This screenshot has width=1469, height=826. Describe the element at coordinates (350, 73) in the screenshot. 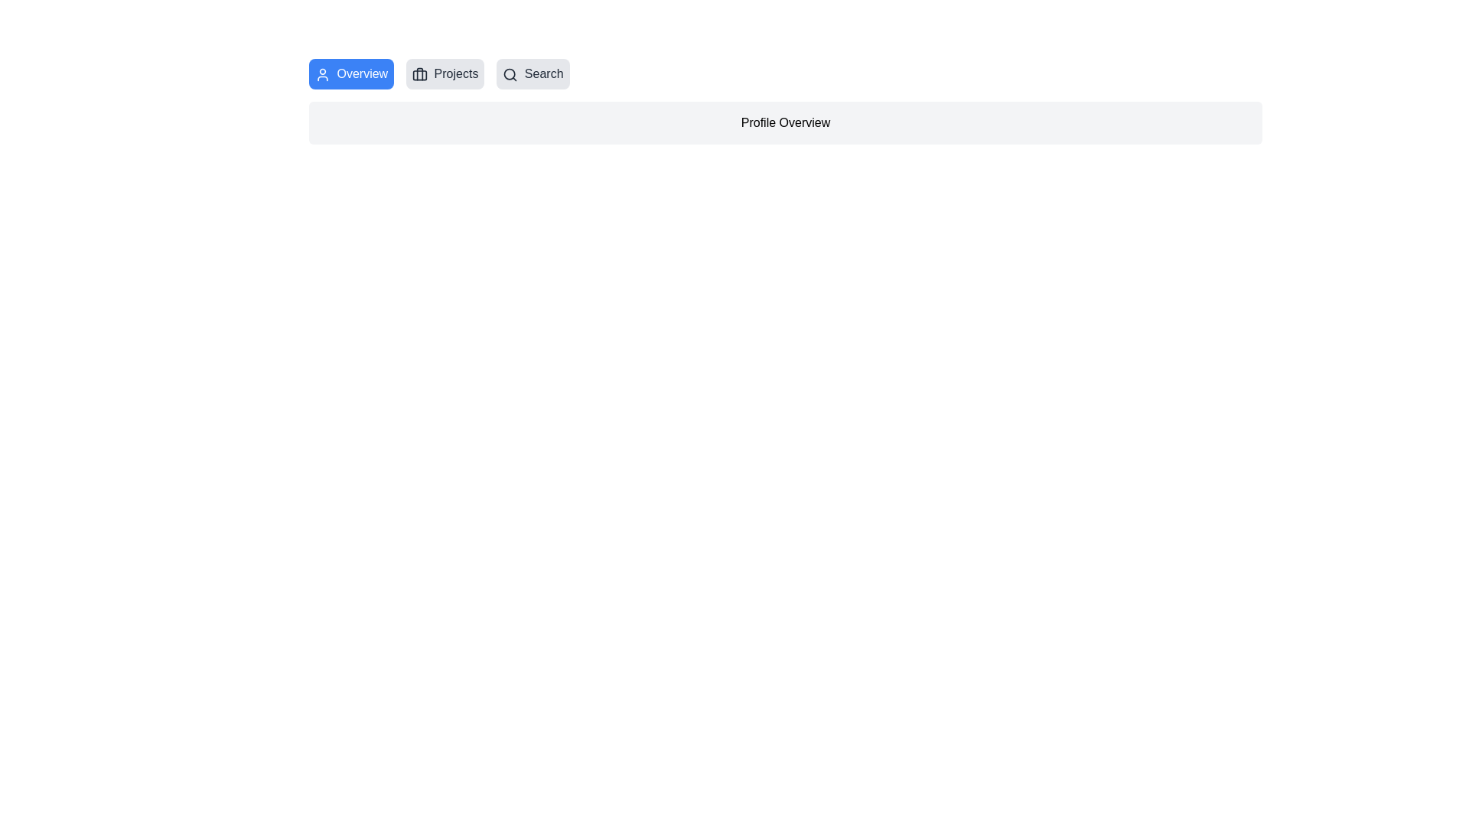

I see `the tab labeled Overview to observe its hover effect` at that location.